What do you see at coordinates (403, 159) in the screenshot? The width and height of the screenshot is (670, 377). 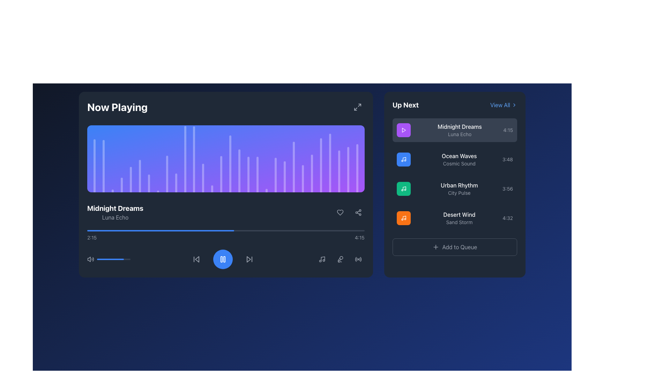 I see `the 'Ocean Waves' icon located in the 'Up Next' section, which is the second icon in the list and is positioned to the left of the 'Ocean Waves' track title` at bounding box center [403, 159].